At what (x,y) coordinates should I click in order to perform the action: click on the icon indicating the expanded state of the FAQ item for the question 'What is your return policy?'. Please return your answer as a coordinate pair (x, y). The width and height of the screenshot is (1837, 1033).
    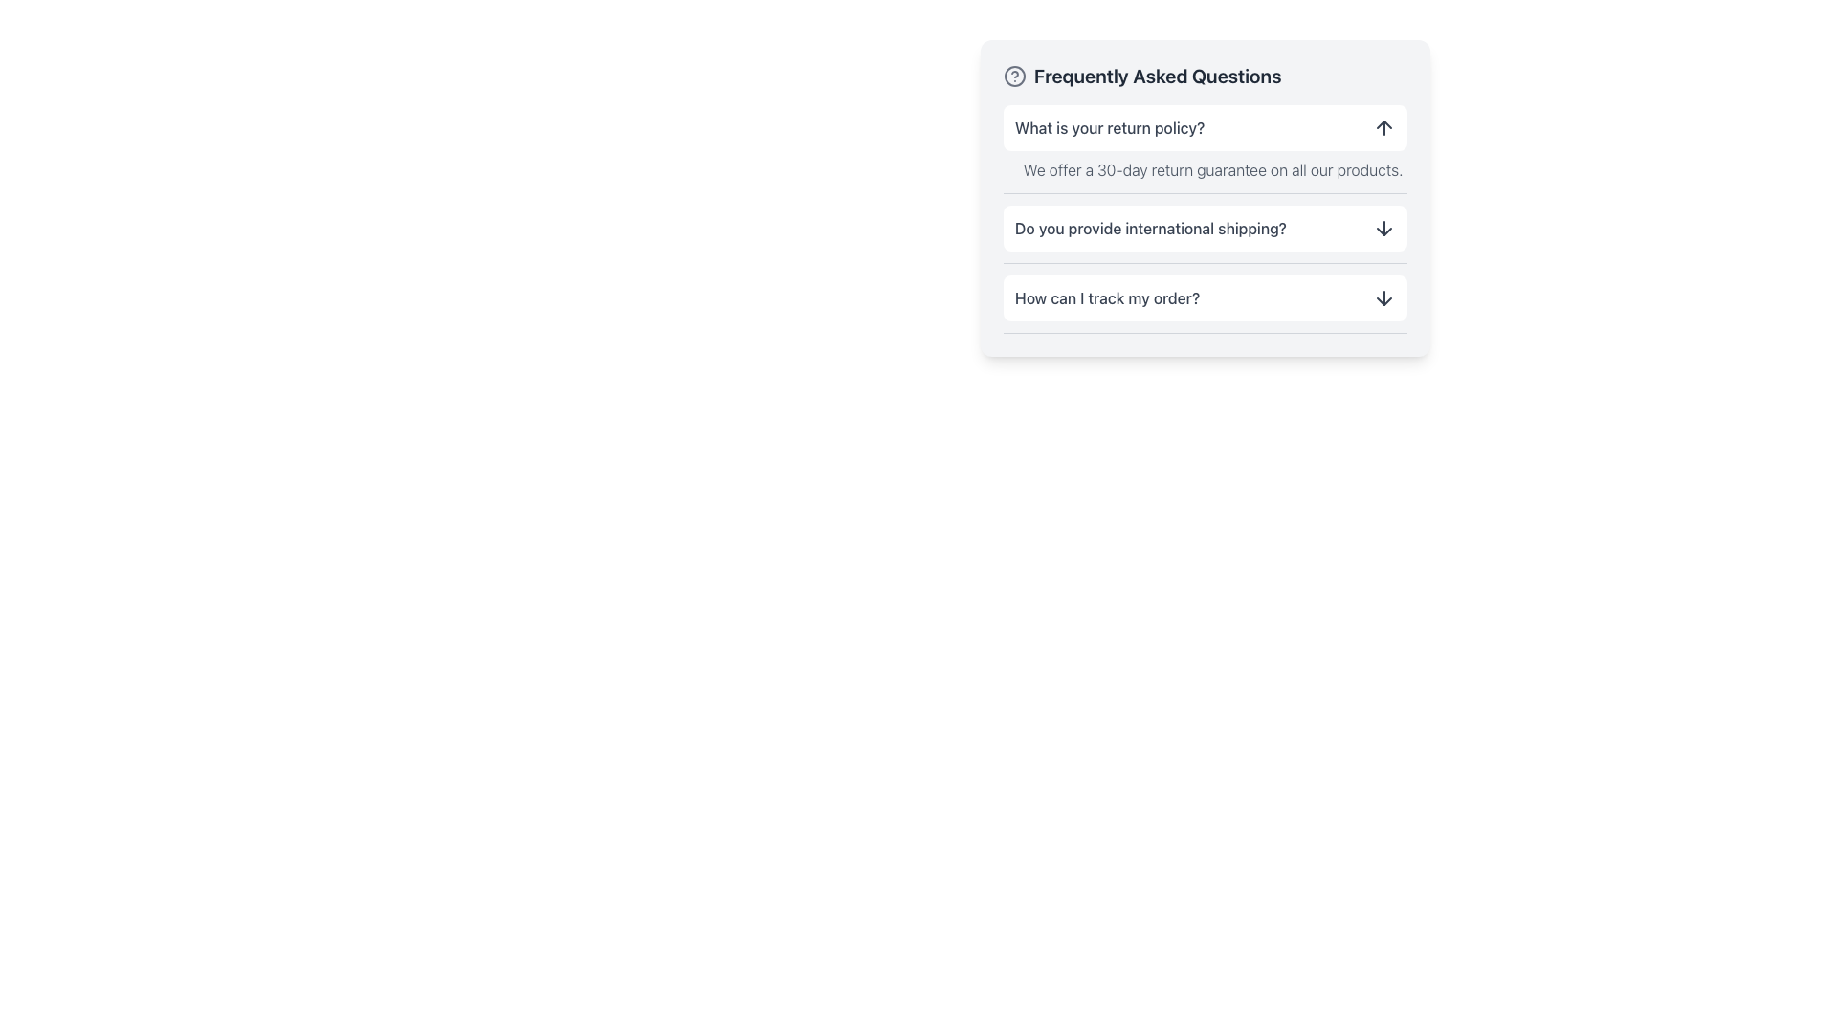
    Looking at the image, I should click on (1383, 128).